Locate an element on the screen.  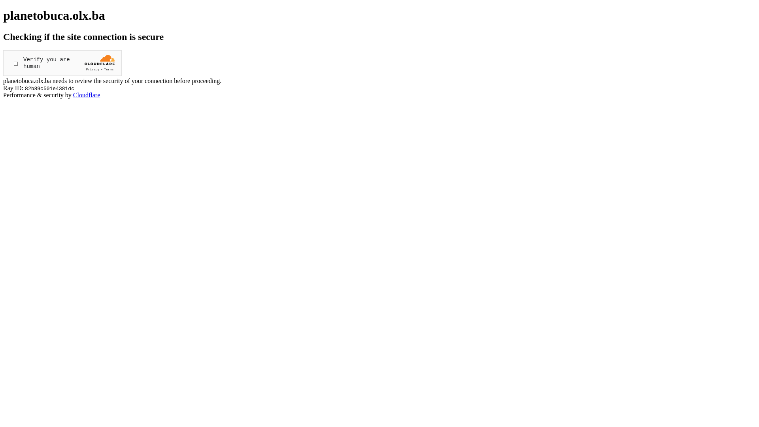
'Widget containing a Cloudflare security challenge' is located at coordinates (62, 62).